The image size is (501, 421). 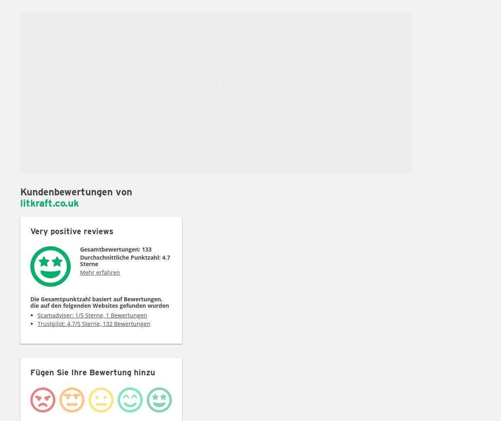 I want to click on 'Kundenbewertungen von', so click(x=76, y=191).